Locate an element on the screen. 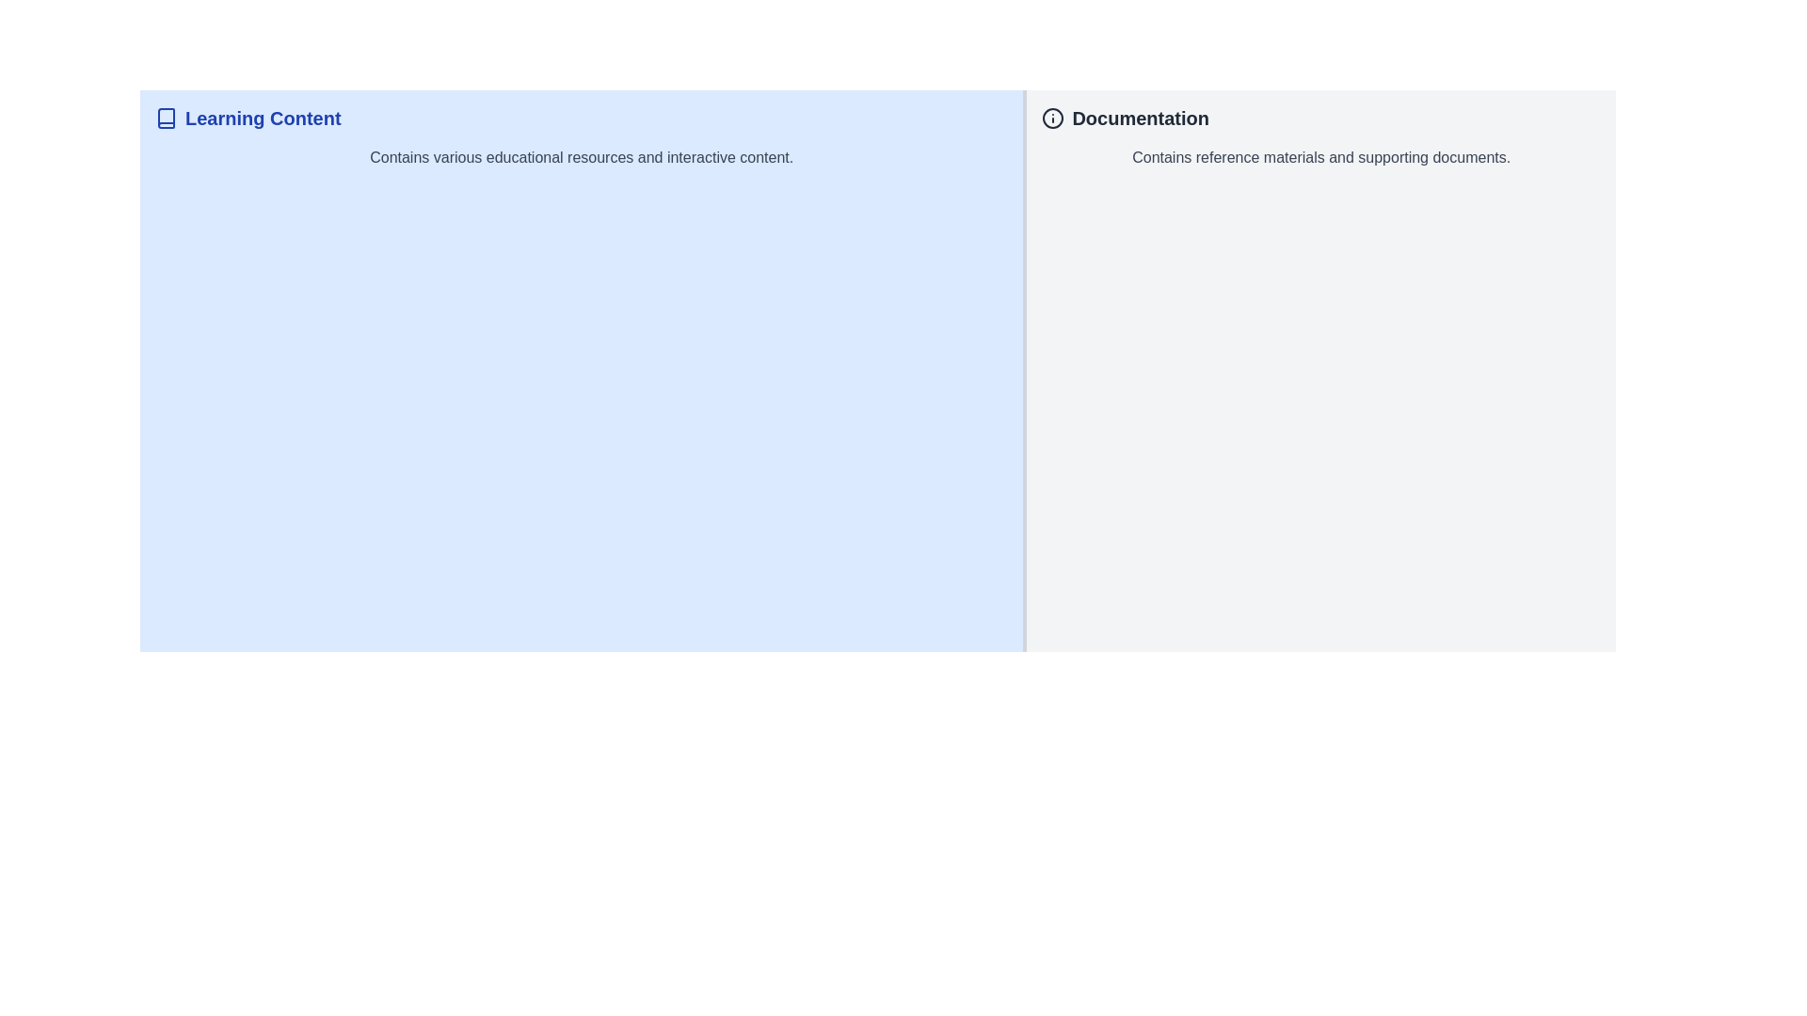  the circular outline of the SVG icon located to the left of the 'Documentation' label is located at coordinates (1052, 119).